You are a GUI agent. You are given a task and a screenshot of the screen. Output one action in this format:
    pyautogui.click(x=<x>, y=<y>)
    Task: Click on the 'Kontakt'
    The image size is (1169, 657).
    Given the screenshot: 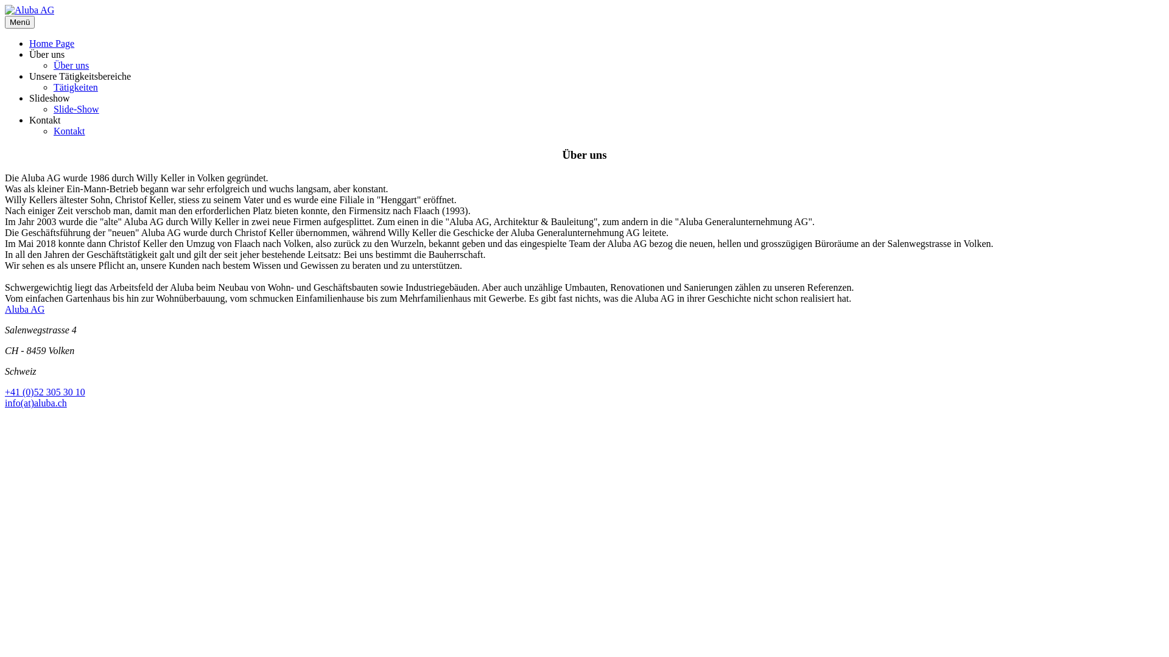 What is the action you would take?
    pyautogui.click(x=69, y=131)
    